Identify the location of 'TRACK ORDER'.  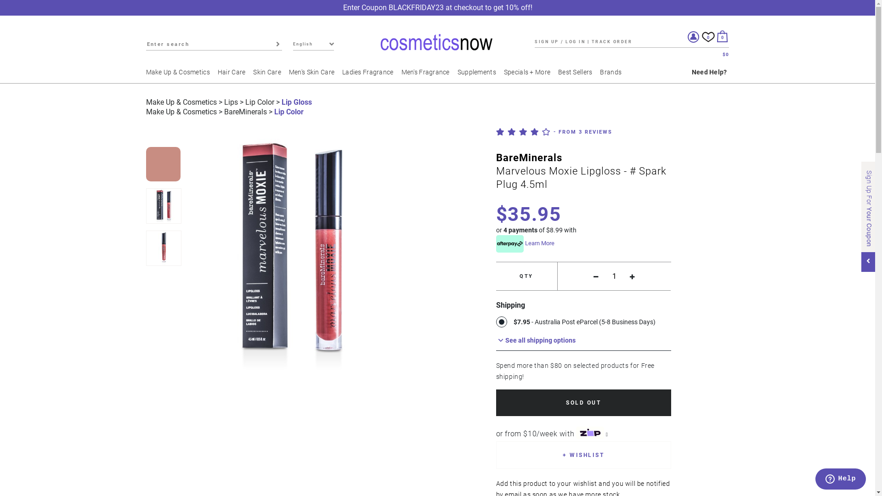
(591, 41).